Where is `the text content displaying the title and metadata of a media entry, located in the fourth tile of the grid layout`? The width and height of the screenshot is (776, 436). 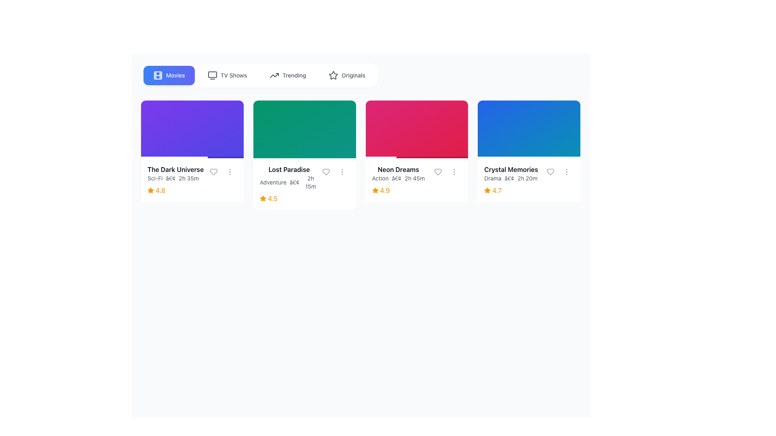 the text content displaying the title and metadata of a media entry, located in the fourth tile of the grid layout is located at coordinates (510, 173).